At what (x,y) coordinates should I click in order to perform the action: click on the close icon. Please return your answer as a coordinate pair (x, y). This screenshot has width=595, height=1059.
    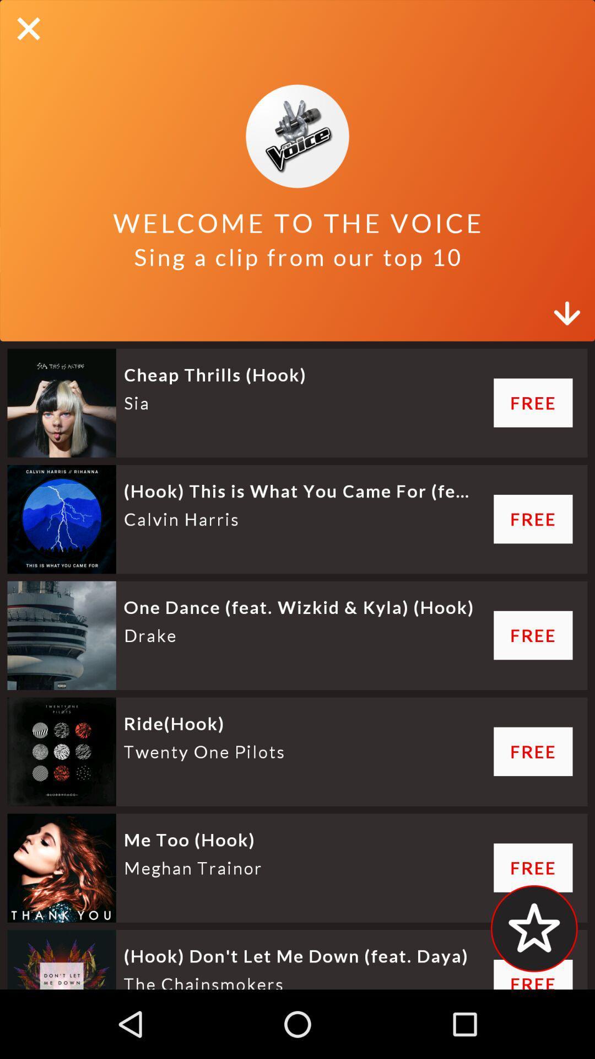
    Looking at the image, I should click on (28, 29).